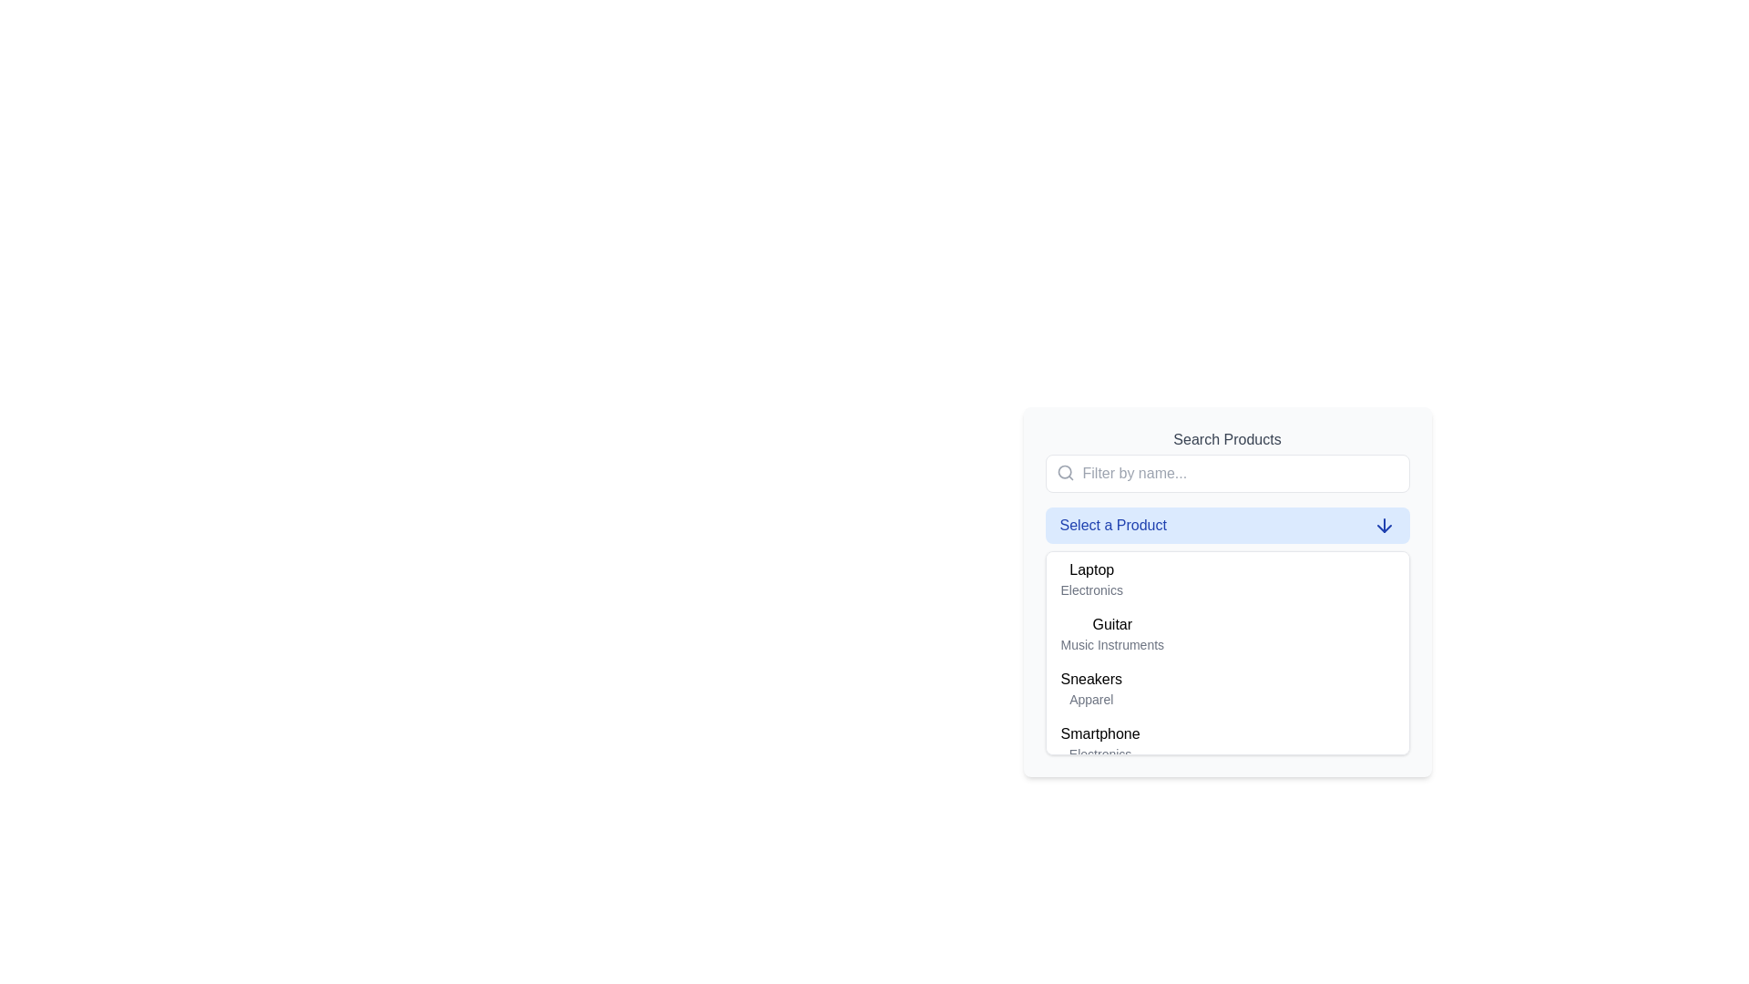  Describe the element at coordinates (1091, 569) in the screenshot. I see `the 'Laptop' text label in the dropdown menu` at that location.